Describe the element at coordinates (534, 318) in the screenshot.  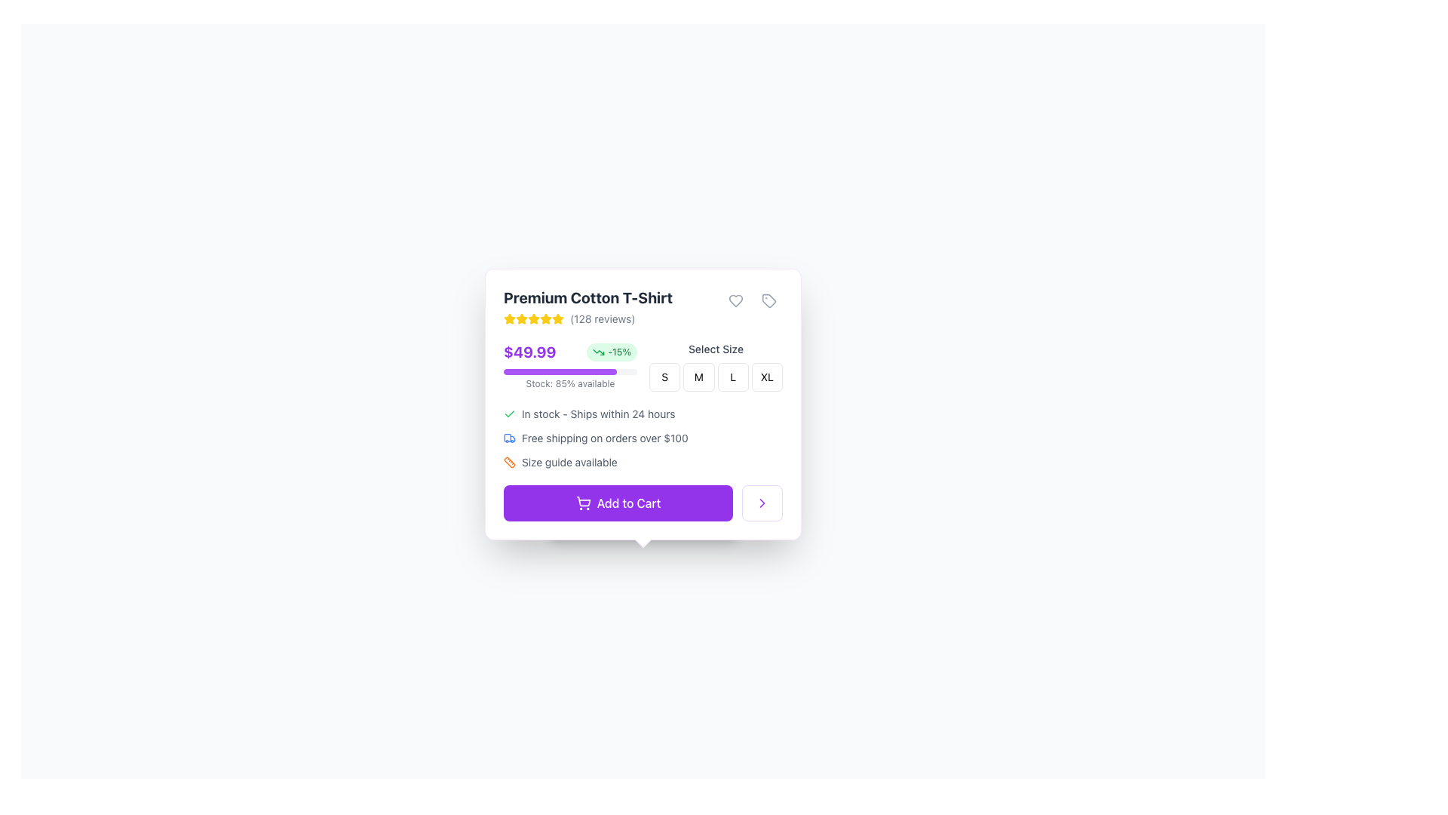
I see `the fifth yellow star-shaped icon in the star rating system` at that location.